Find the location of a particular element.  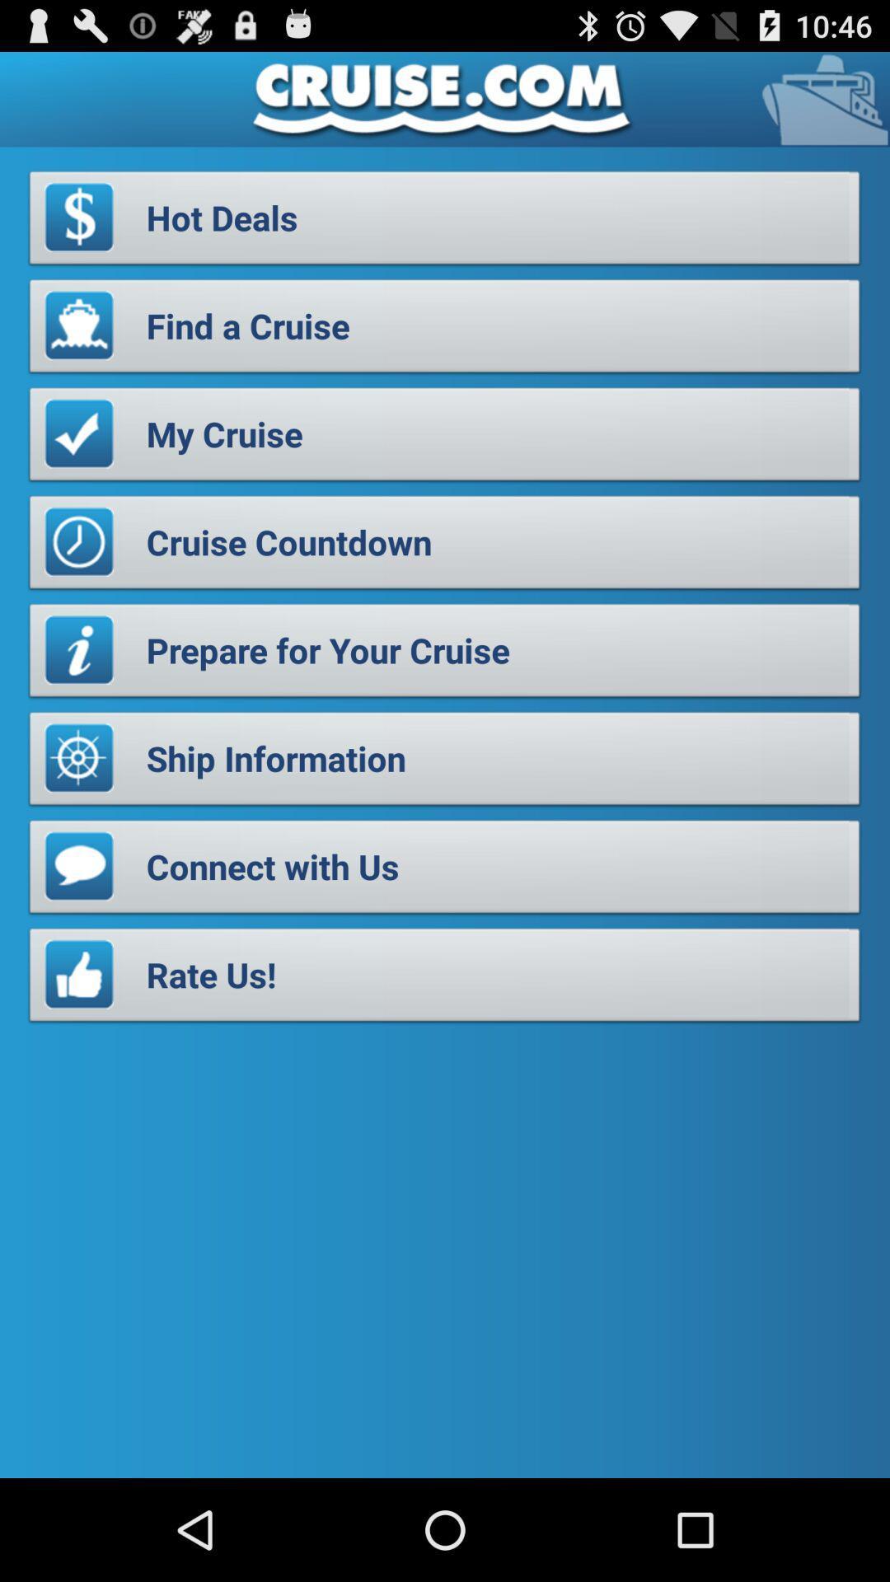

icon above ship information button is located at coordinates (445, 654).